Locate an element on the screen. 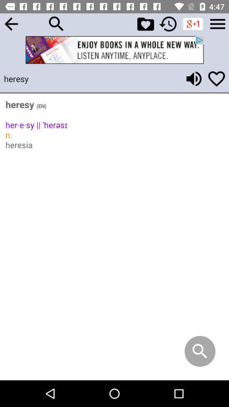 The height and width of the screenshot is (407, 229). the folder icon is located at coordinates (145, 23).